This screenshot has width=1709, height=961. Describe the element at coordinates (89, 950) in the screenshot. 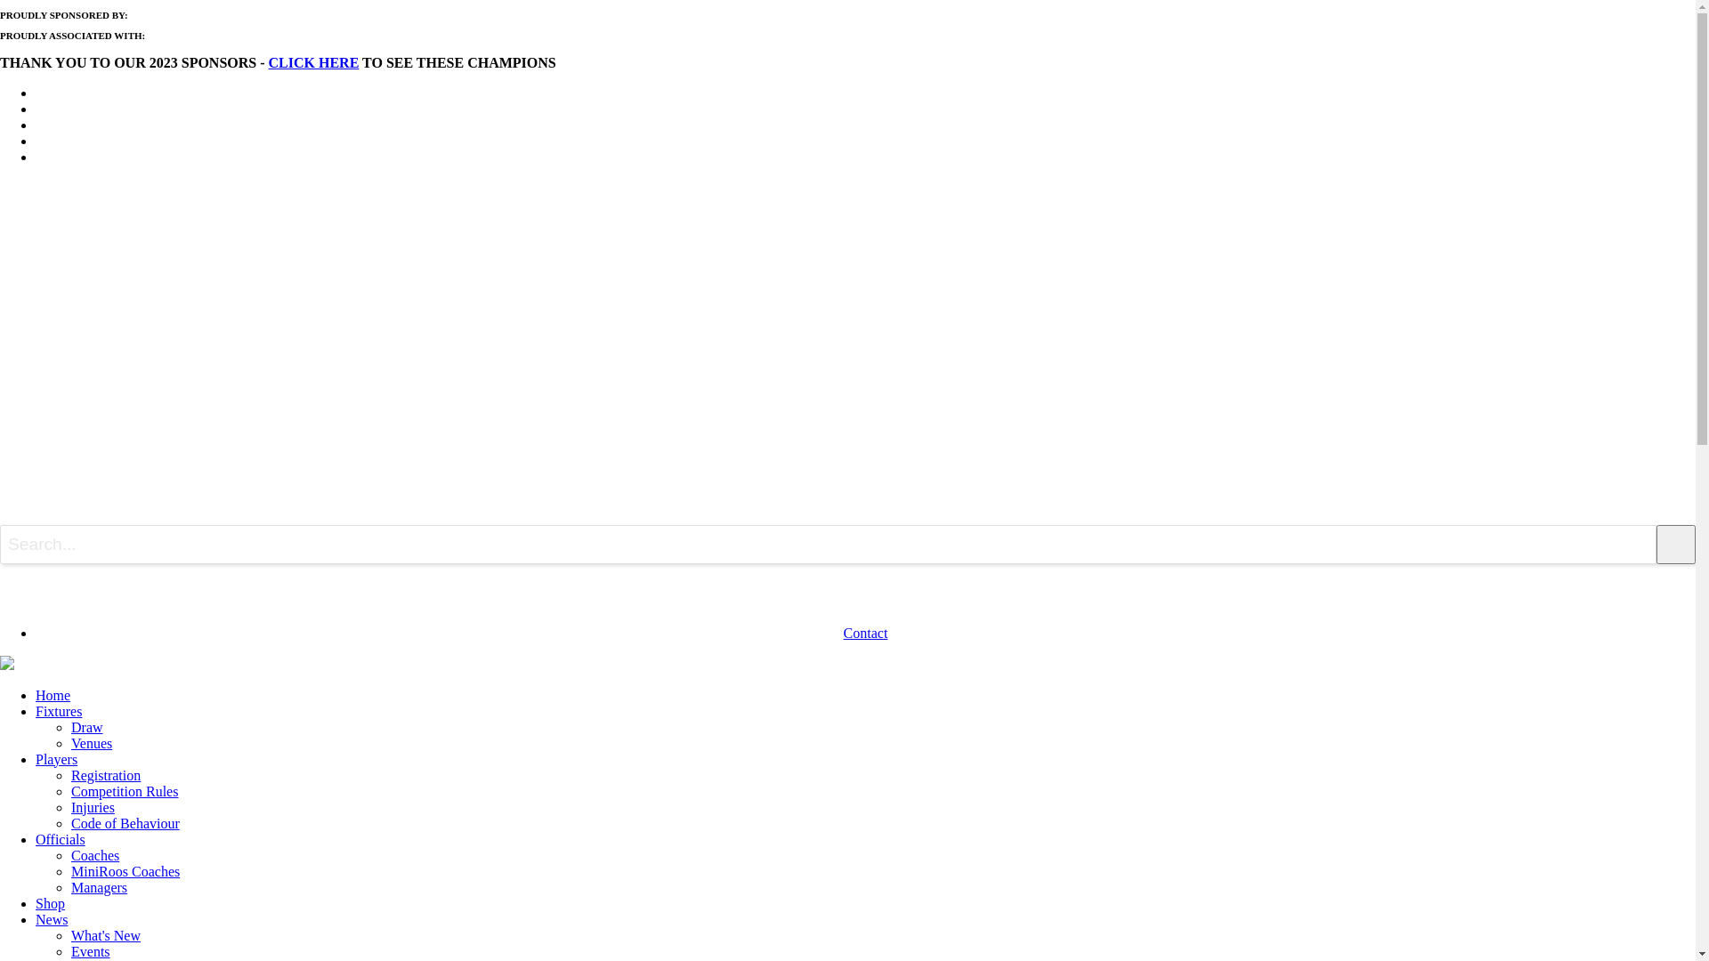

I see `'Events'` at that location.